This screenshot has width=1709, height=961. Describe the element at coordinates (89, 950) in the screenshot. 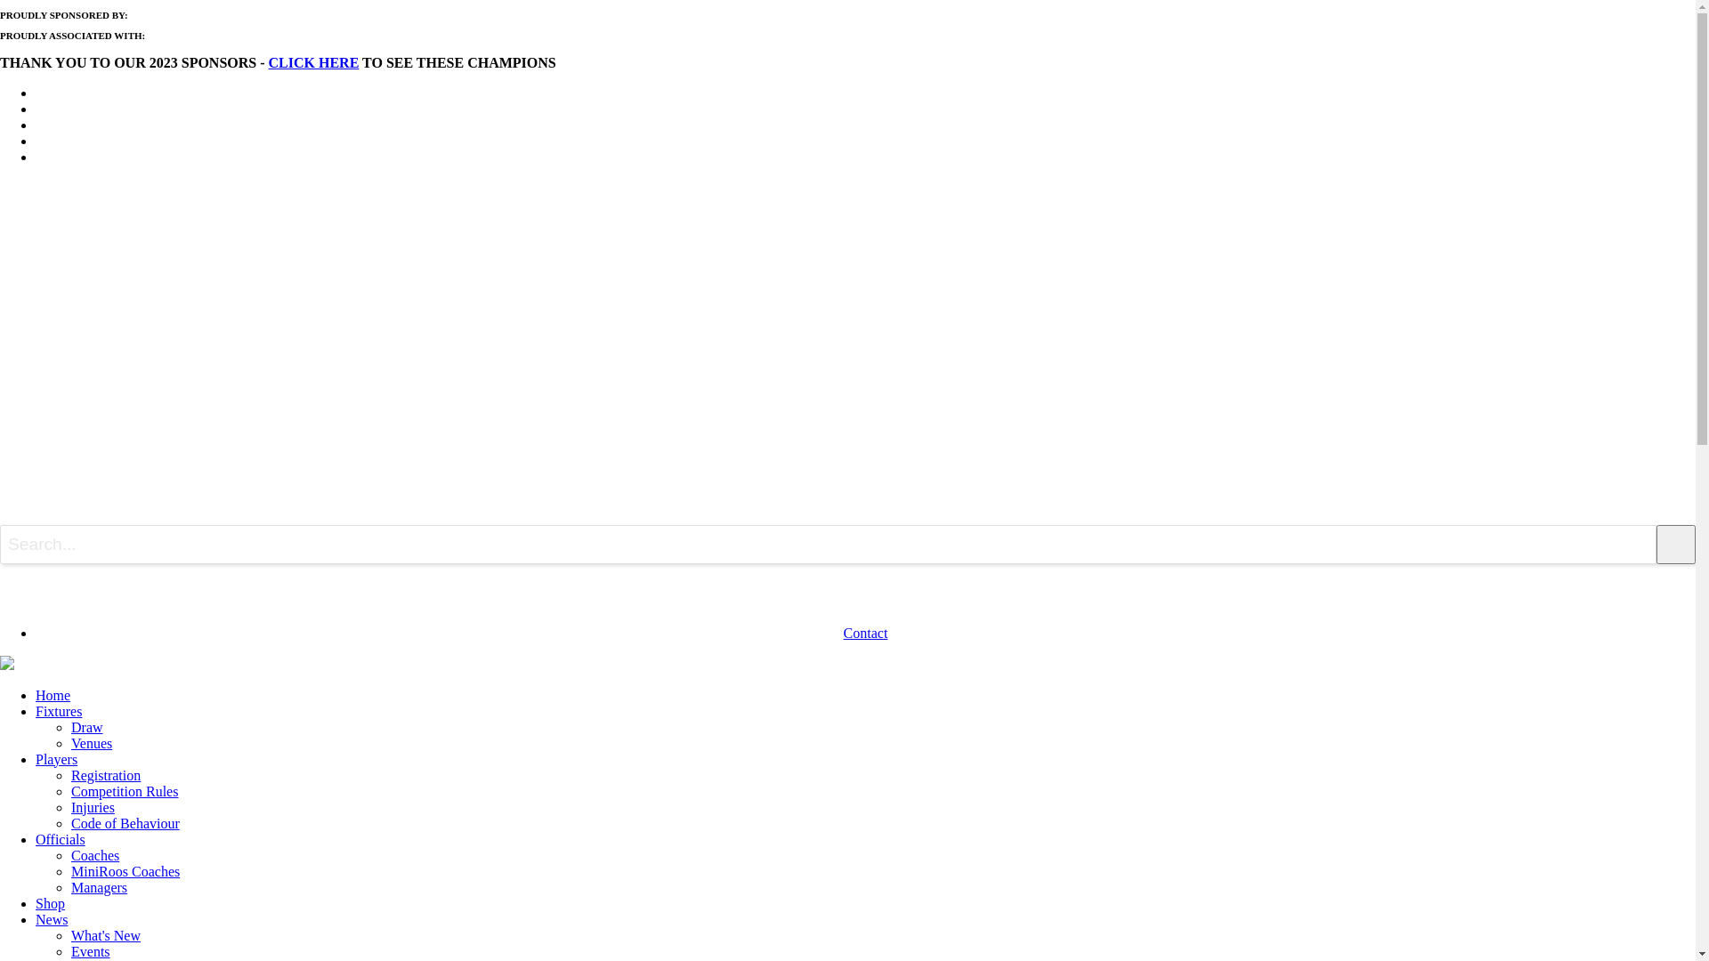

I see `'Events'` at that location.